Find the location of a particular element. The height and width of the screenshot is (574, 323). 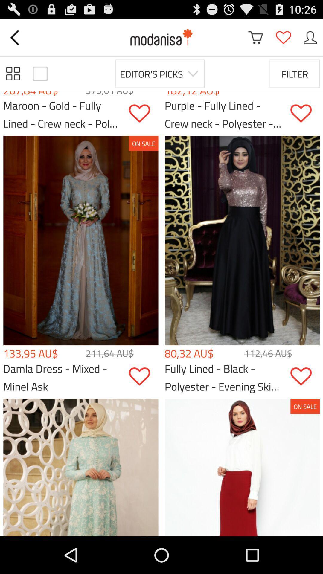

the favorite icon is located at coordinates (283, 40).